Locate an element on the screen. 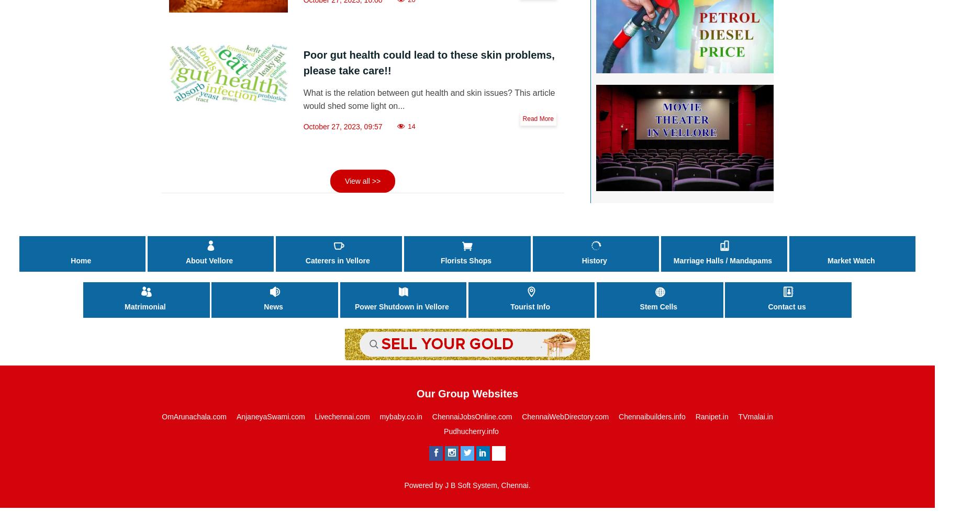 This screenshot has height=522, width=961. 'Home' is located at coordinates (81, 261).